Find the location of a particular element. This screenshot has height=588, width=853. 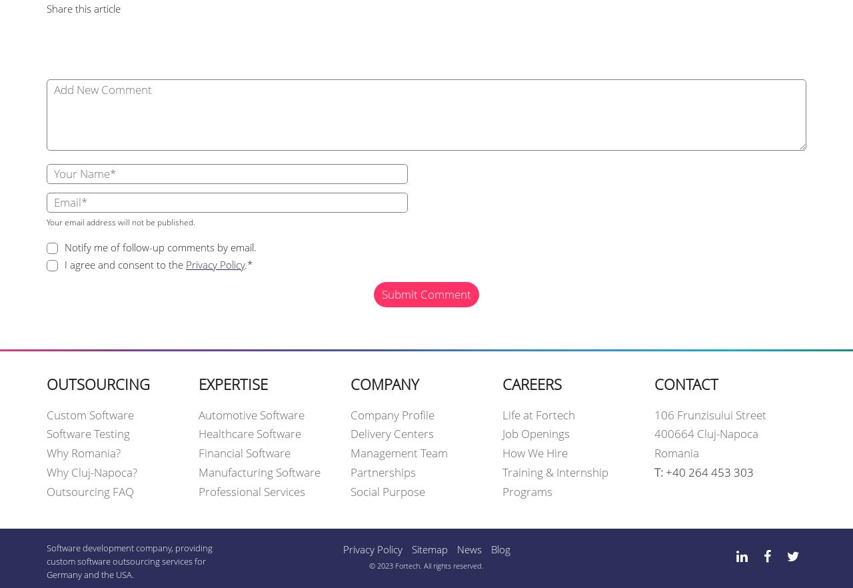

'400664' is located at coordinates (676, 433).